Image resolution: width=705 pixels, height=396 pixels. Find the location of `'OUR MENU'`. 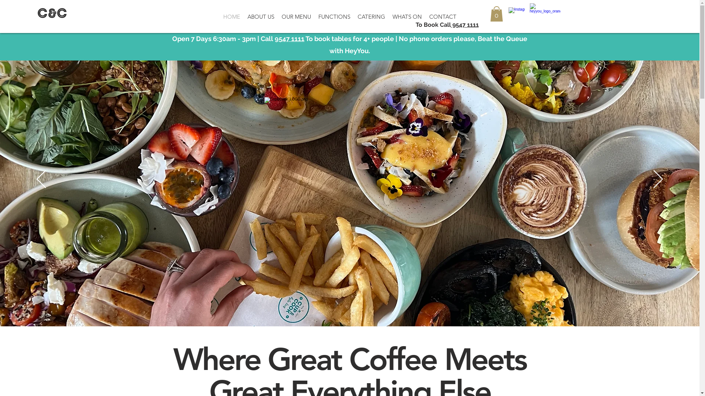

'OUR MENU' is located at coordinates (296, 16).